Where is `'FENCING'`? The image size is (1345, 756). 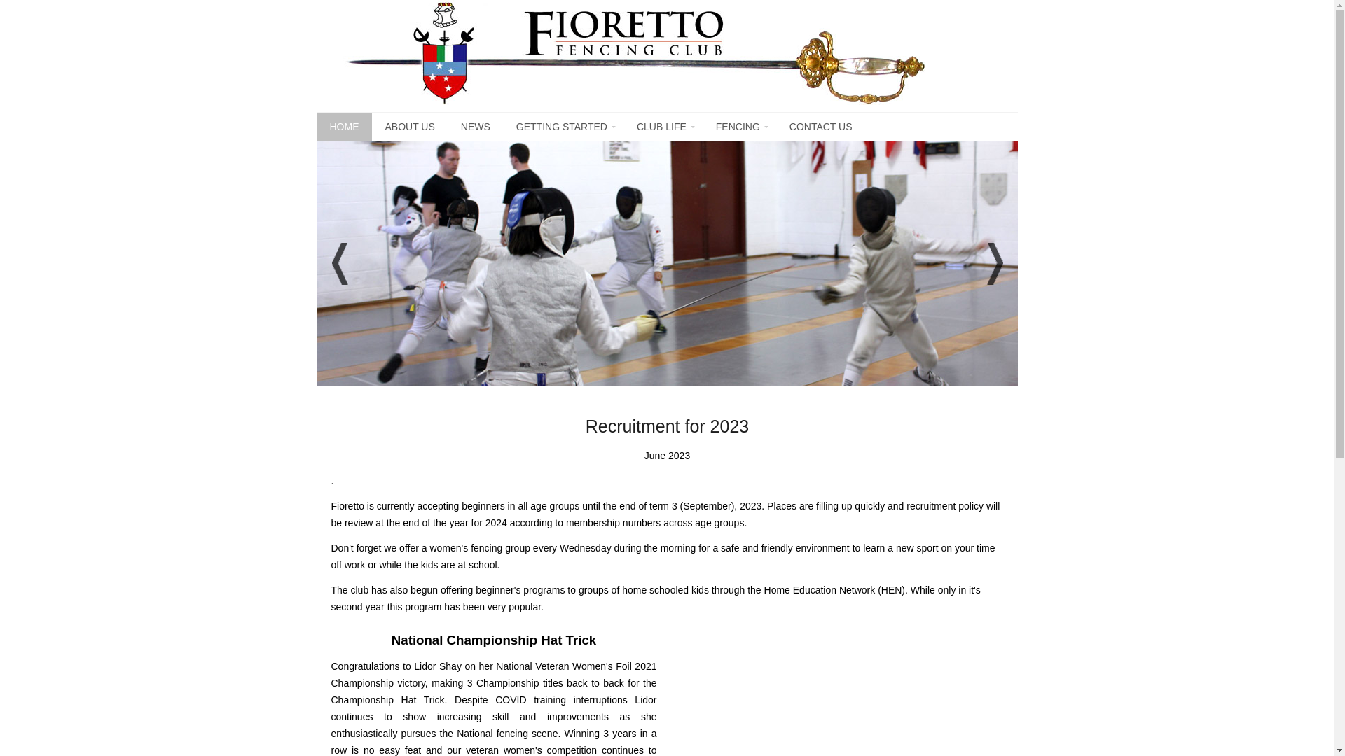 'FENCING' is located at coordinates (739, 127).